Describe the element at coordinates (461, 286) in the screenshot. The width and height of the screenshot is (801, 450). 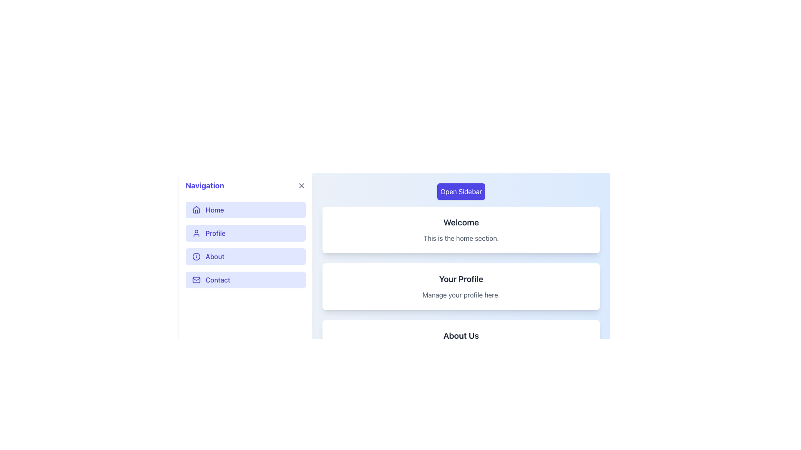
I see `text content of the Informational Panel located below the 'Welcome' card and above the 'About Us' card in the central content area of the application` at that location.